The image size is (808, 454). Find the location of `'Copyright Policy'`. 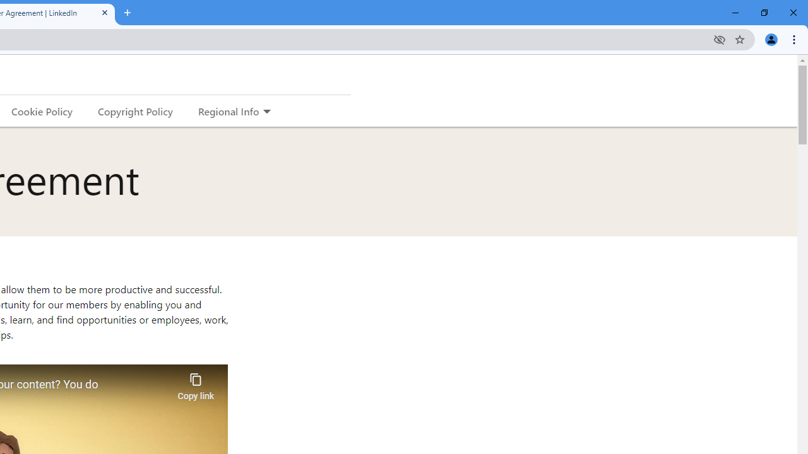

'Copyright Policy' is located at coordinates (134, 110).